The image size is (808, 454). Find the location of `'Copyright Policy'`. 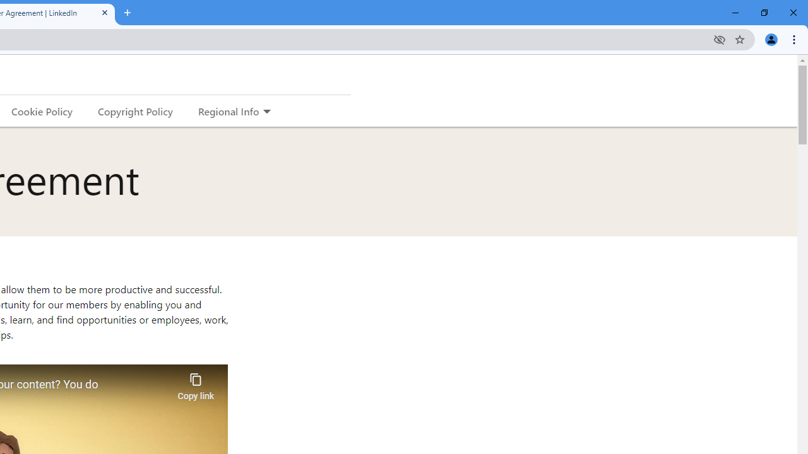

'Copyright Policy' is located at coordinates (134, 110).